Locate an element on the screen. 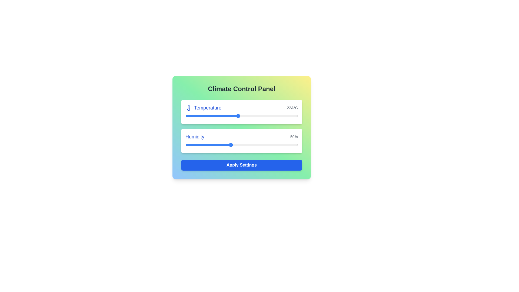 The width and height of the screenshot is (519, 292). the temperature icon located to the left of the 'Temperature' text in the temperature adjustment section is located at coordinates (188, 108).